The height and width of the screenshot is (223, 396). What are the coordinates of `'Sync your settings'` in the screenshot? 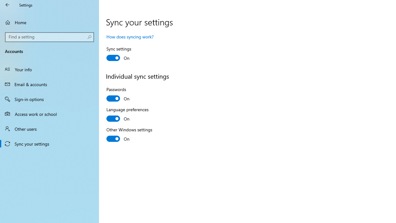 It's located at (49, 144).